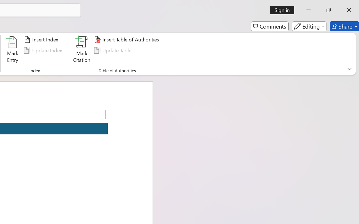 Image resolution: width=359 pixels, height=224 pixels. I want to click on 'Mark Citation...', so click(82, 50).